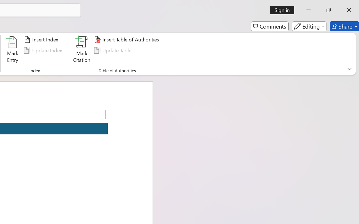 Image resolution: width=359 pixels, height=224 pixels. I want to click on 'Mark Citation...', so click(82, 50).